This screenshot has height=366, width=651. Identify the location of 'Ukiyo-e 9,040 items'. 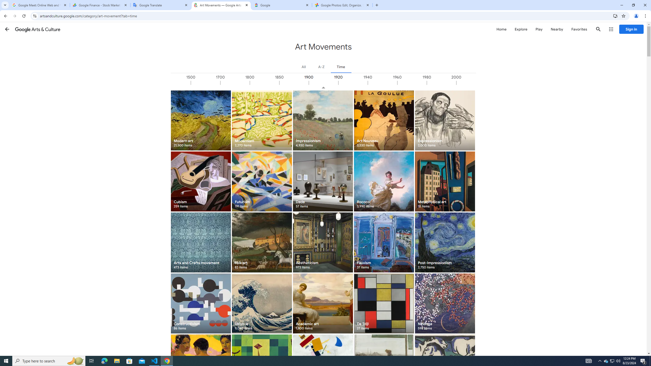
(261, 303).